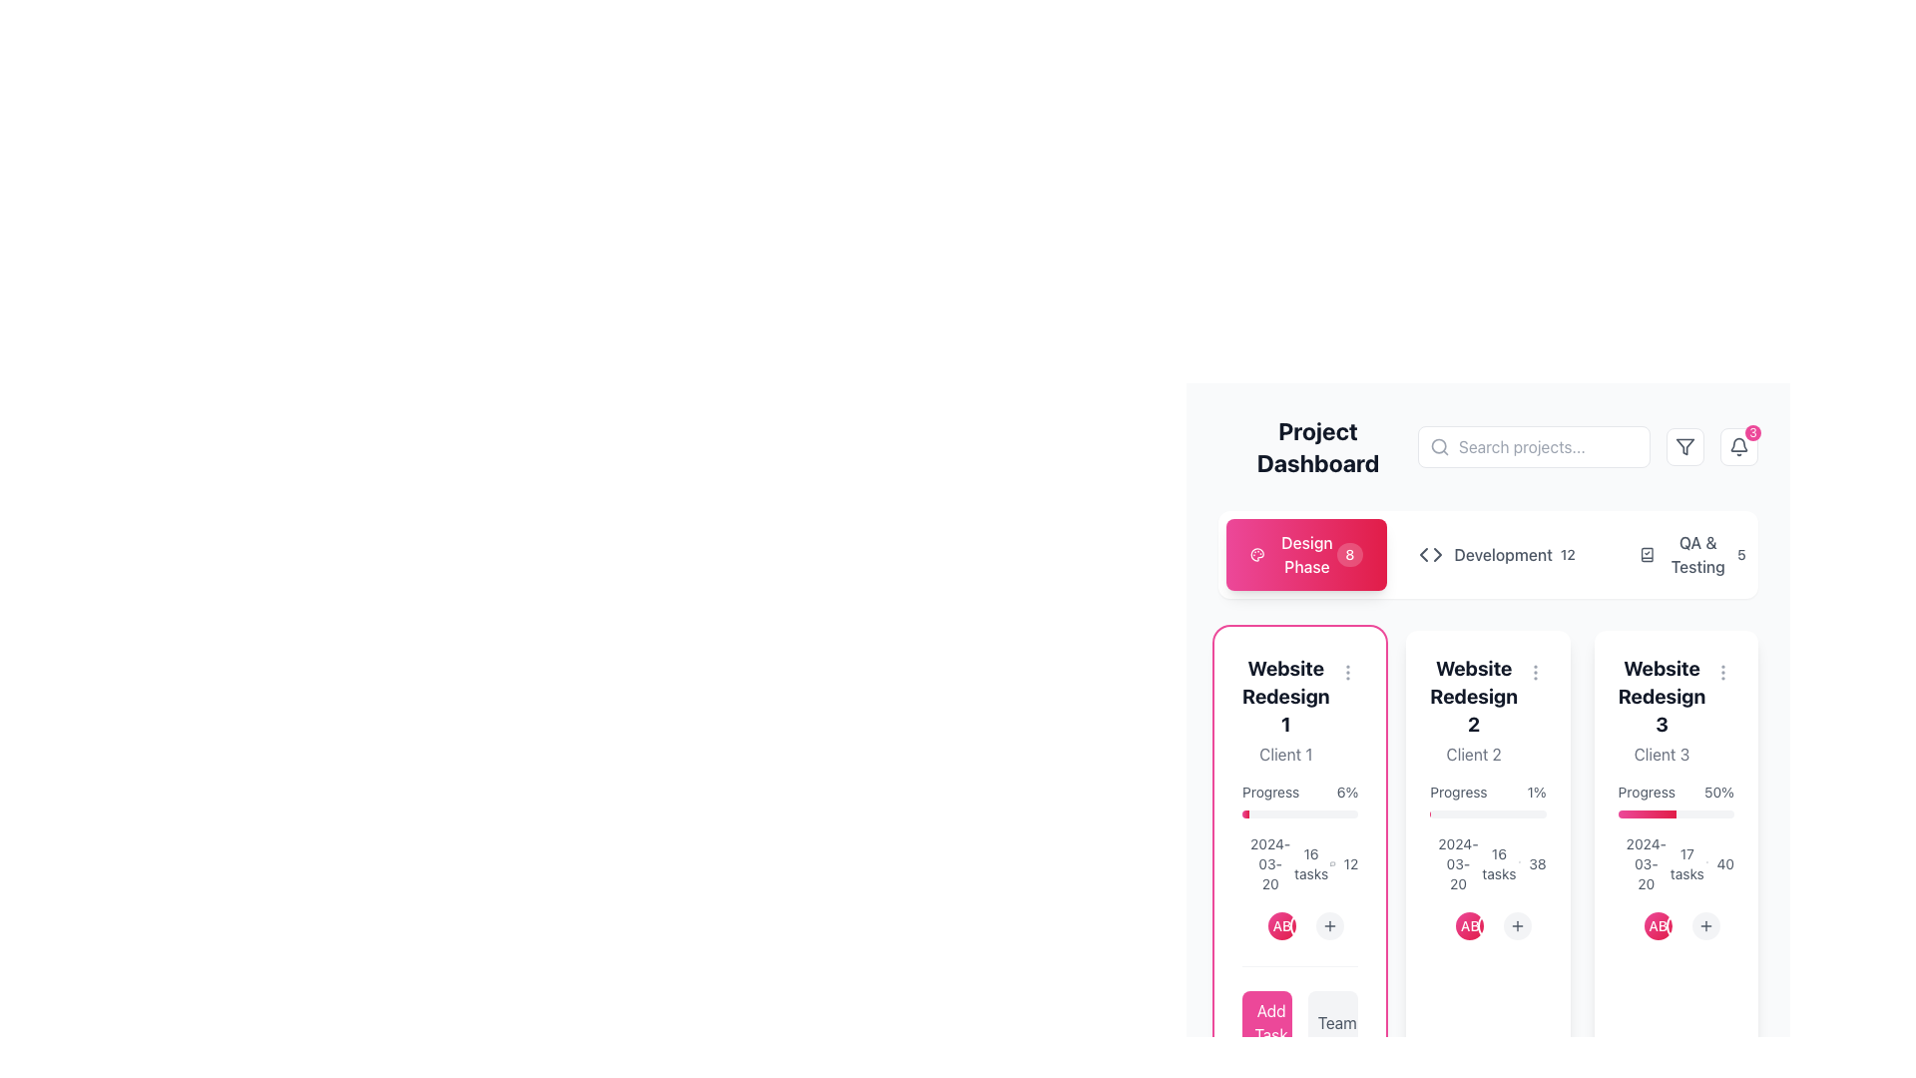  Describe the element at coordinates (1718, 792) in the screenshot. I see `the static text label that displays the progress percentage for the 'Website Redesign 3' project, located to the right of the 'Progress' label` at that location.